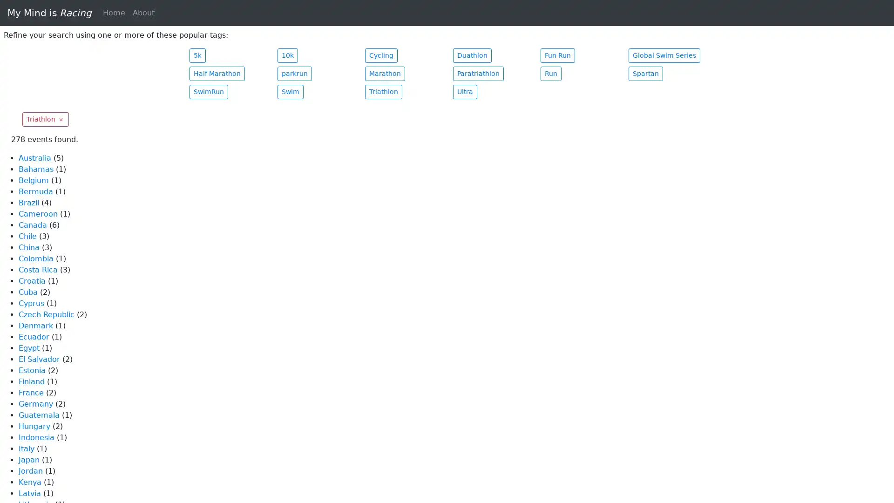  I want to click on SwimRun, so click(208, 92).